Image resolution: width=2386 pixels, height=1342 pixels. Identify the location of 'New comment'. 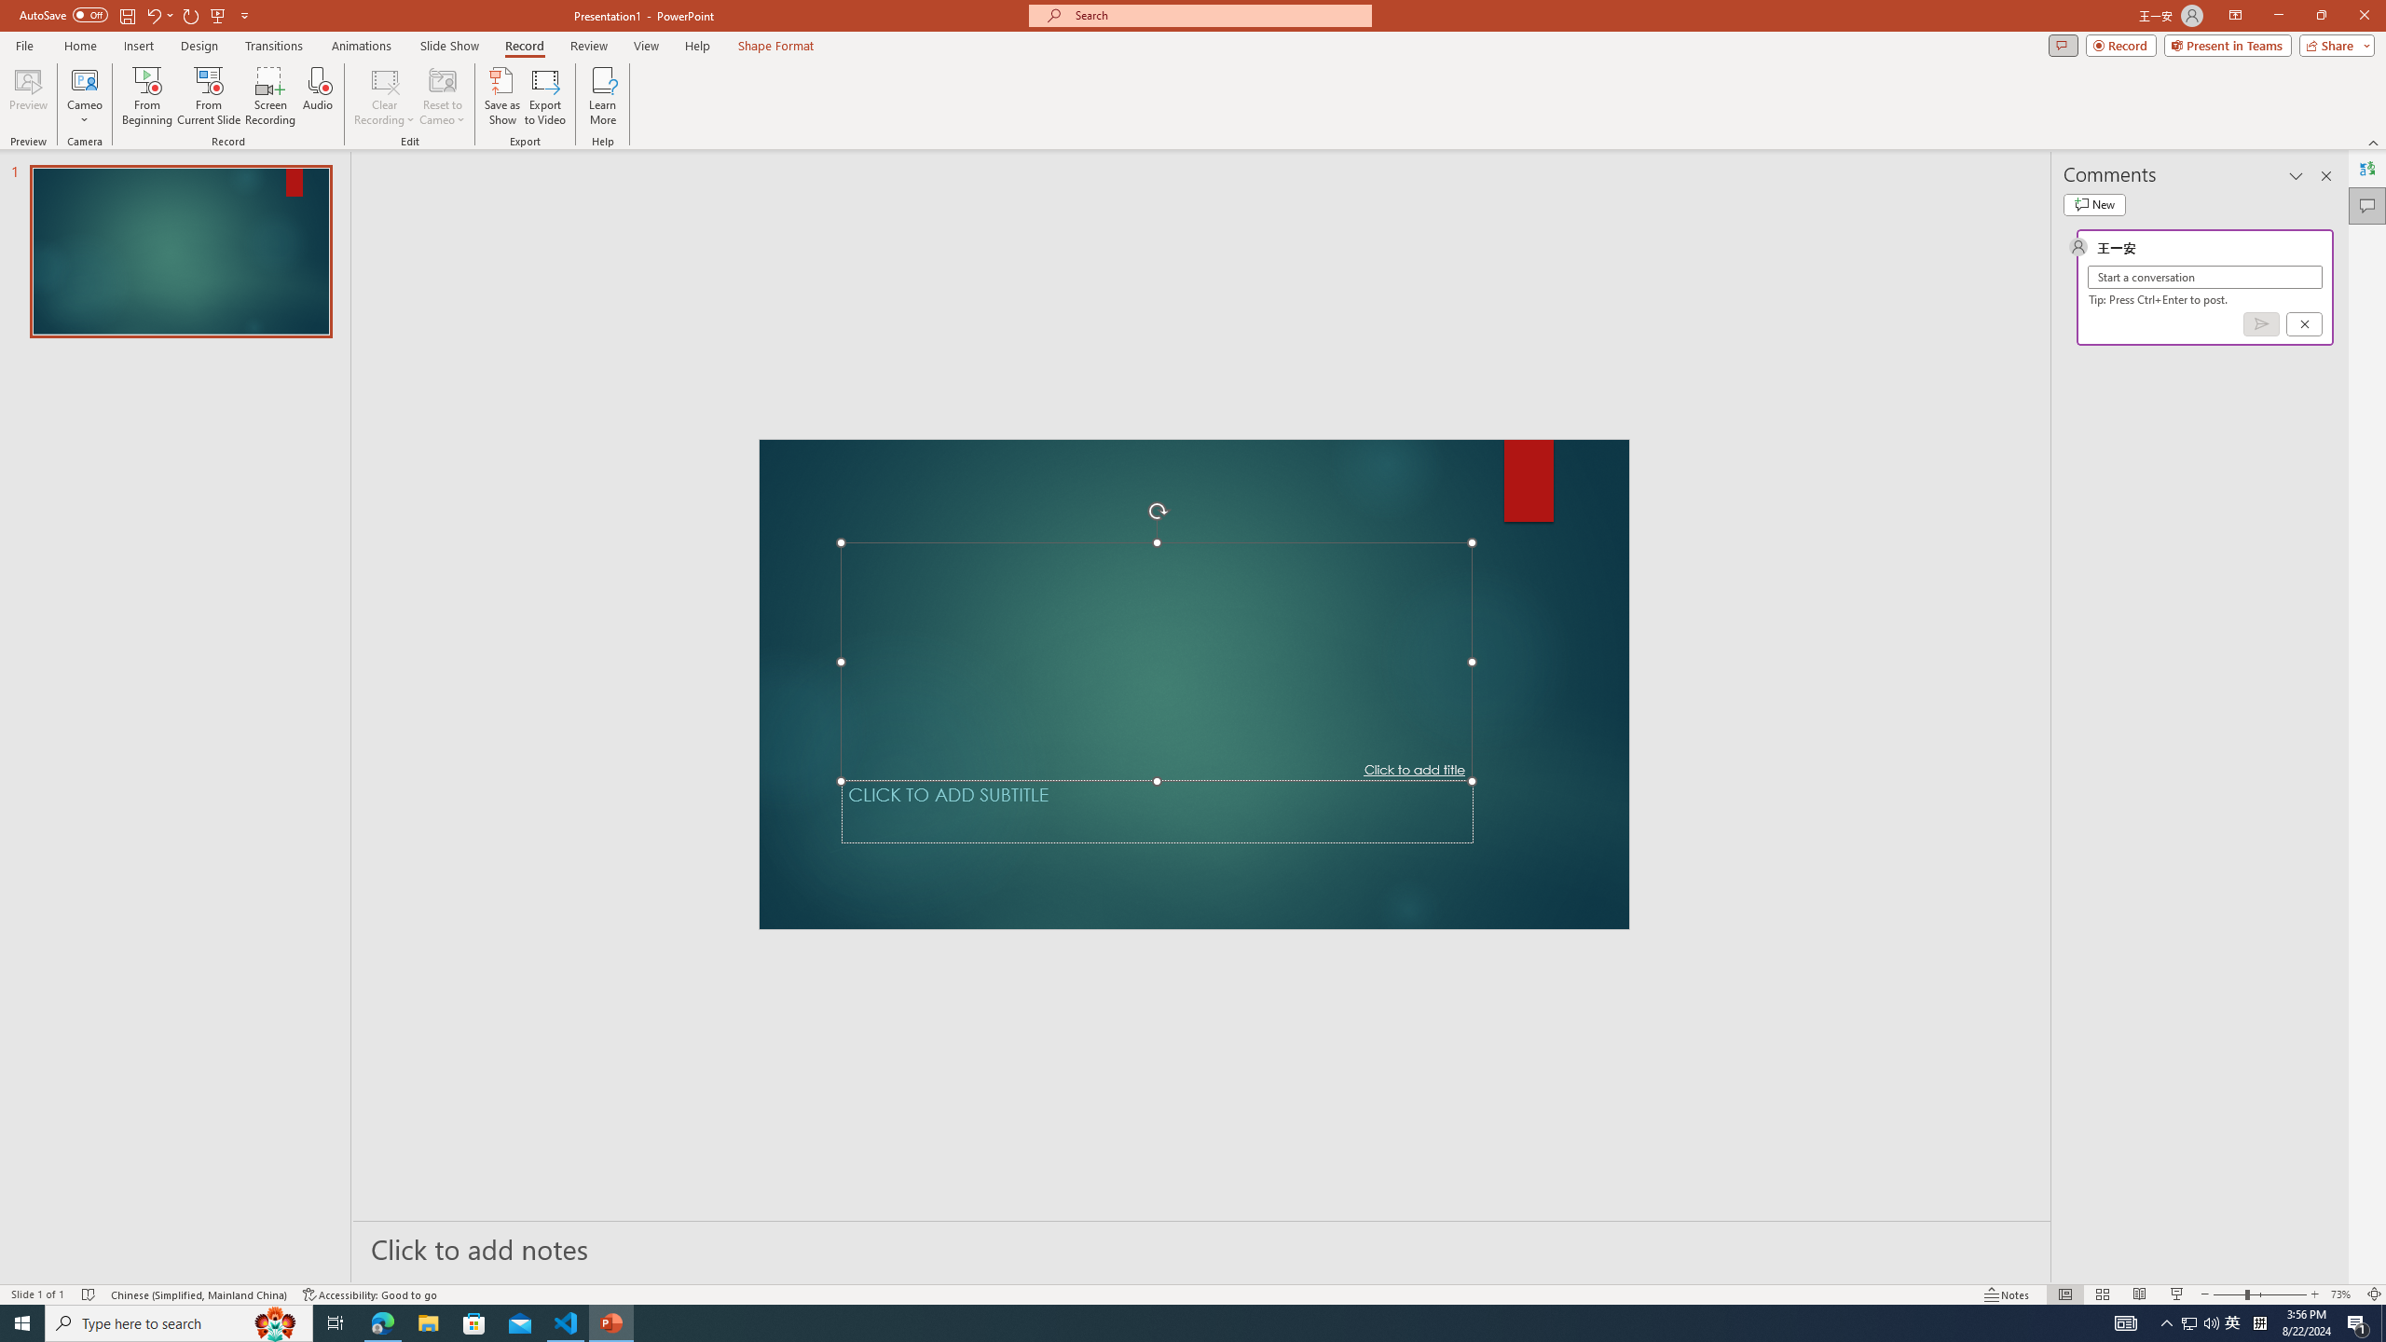
(2093, 203).